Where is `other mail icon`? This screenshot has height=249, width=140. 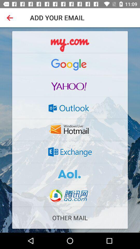
other mail icon is located at coordinates (70, 218).